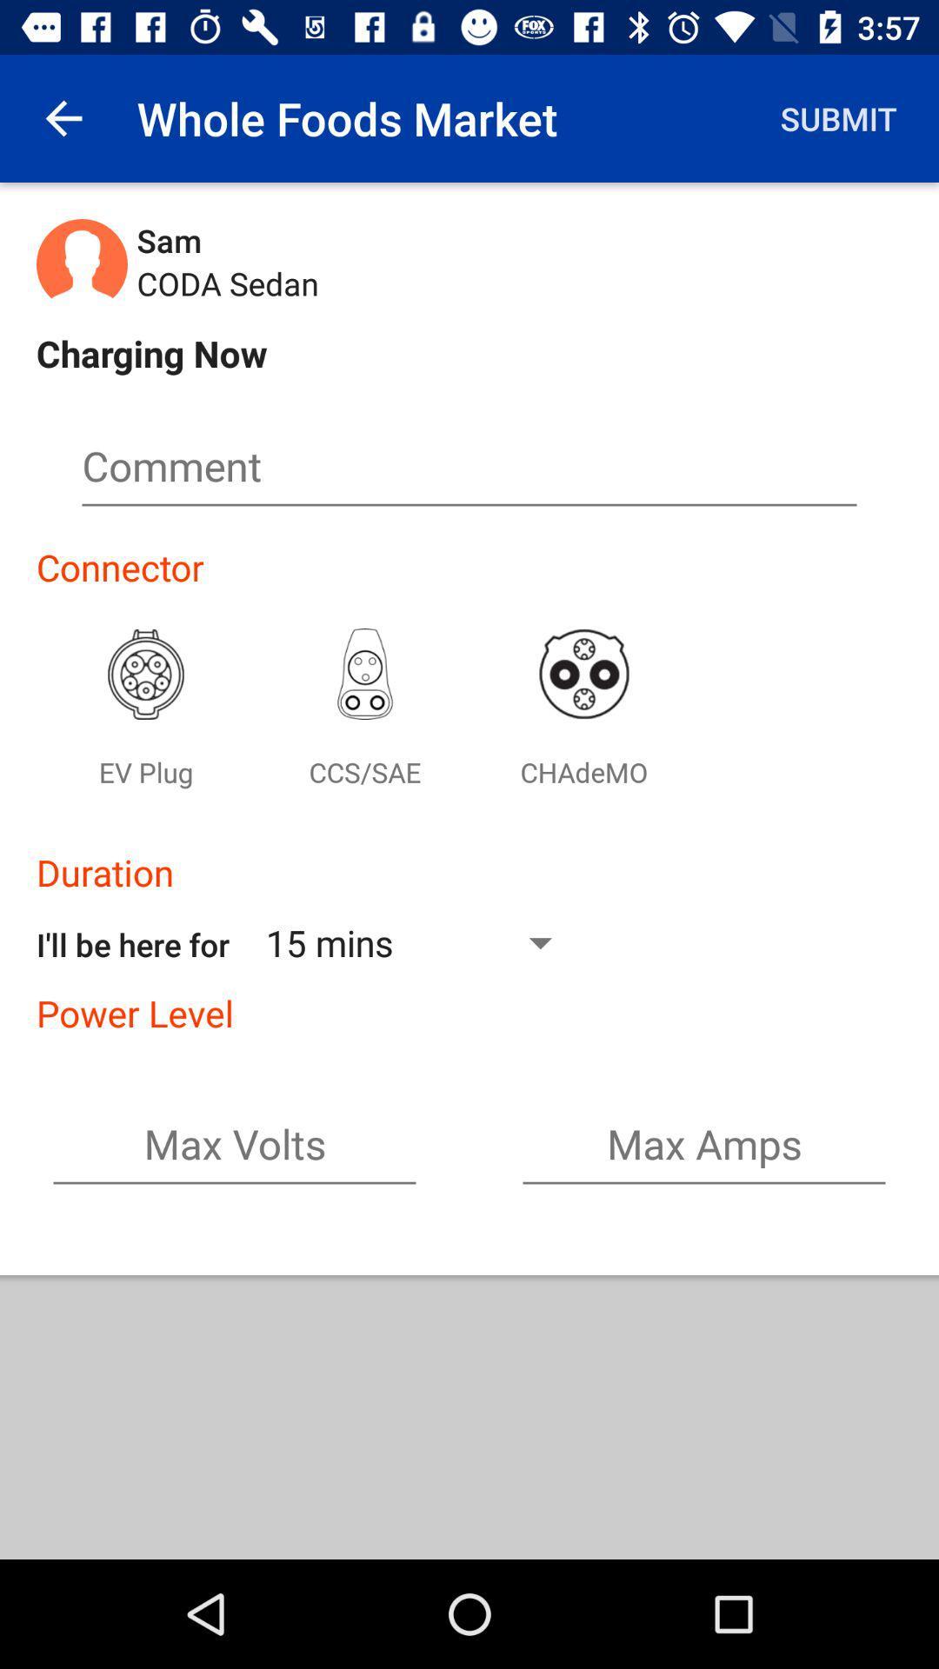 The image size is (939, 1669). Describe the element at coordinates (469, 472) in the screenshot. I see `fill in the comment box` at that location.